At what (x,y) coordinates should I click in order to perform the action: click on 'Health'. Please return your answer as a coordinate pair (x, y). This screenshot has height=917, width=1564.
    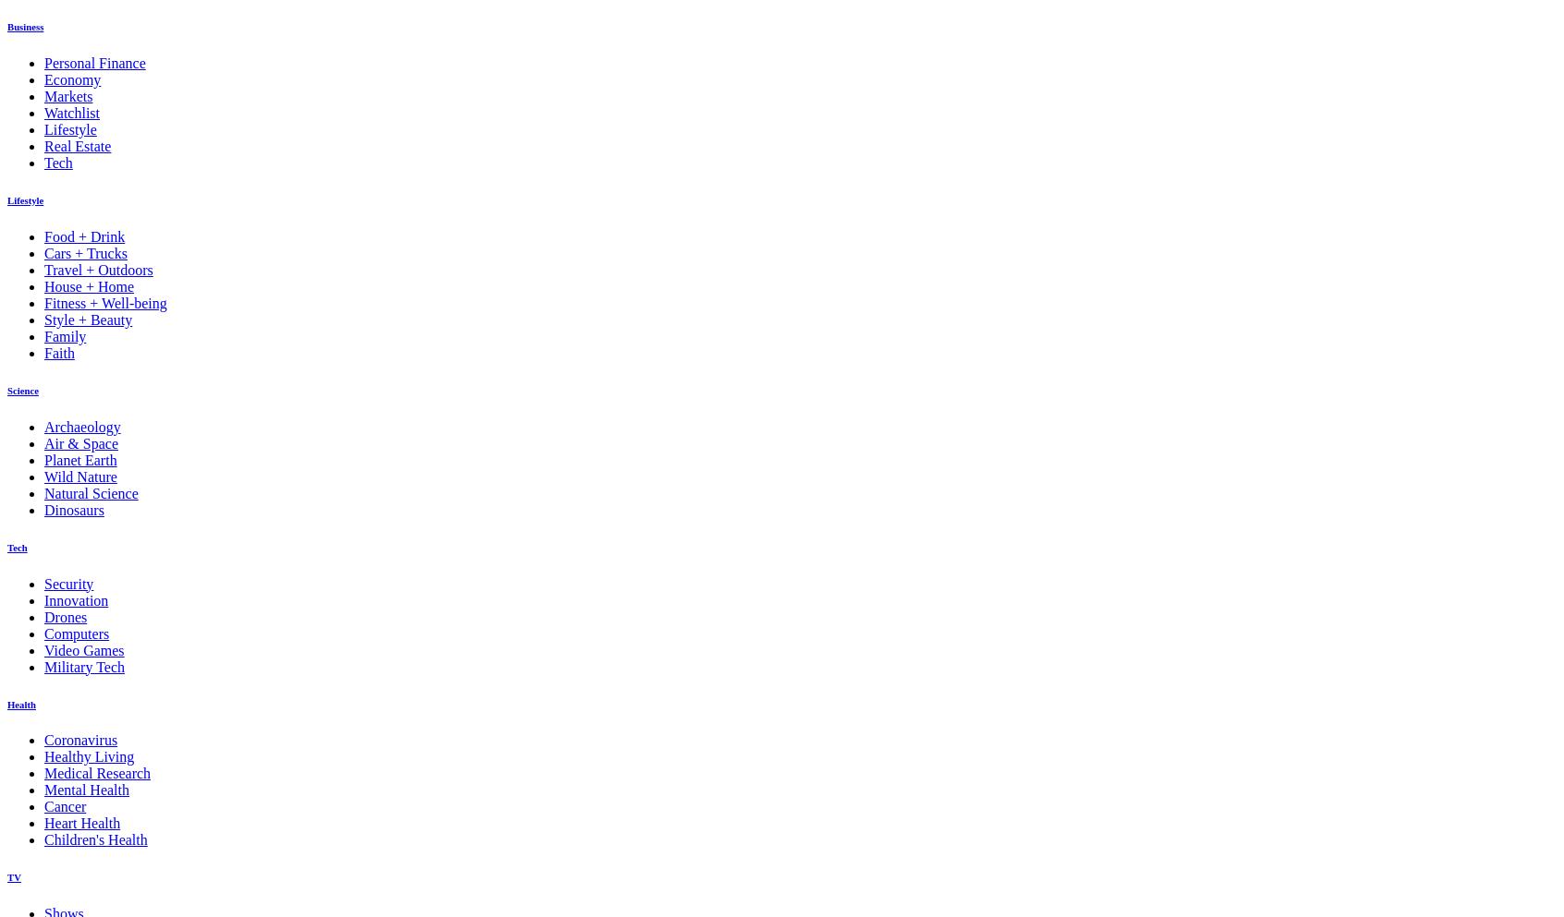
    Looking at the image, I should click on (20, 704).